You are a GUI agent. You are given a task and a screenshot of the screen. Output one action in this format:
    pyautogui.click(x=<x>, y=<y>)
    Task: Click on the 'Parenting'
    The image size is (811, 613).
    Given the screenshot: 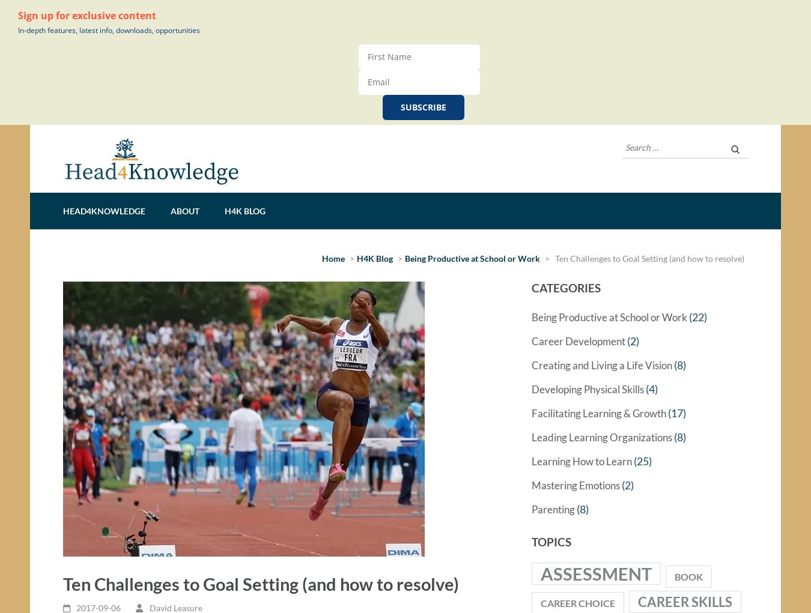 What is the action you would take?
    pyautogui.click(x=532, y=513)
    